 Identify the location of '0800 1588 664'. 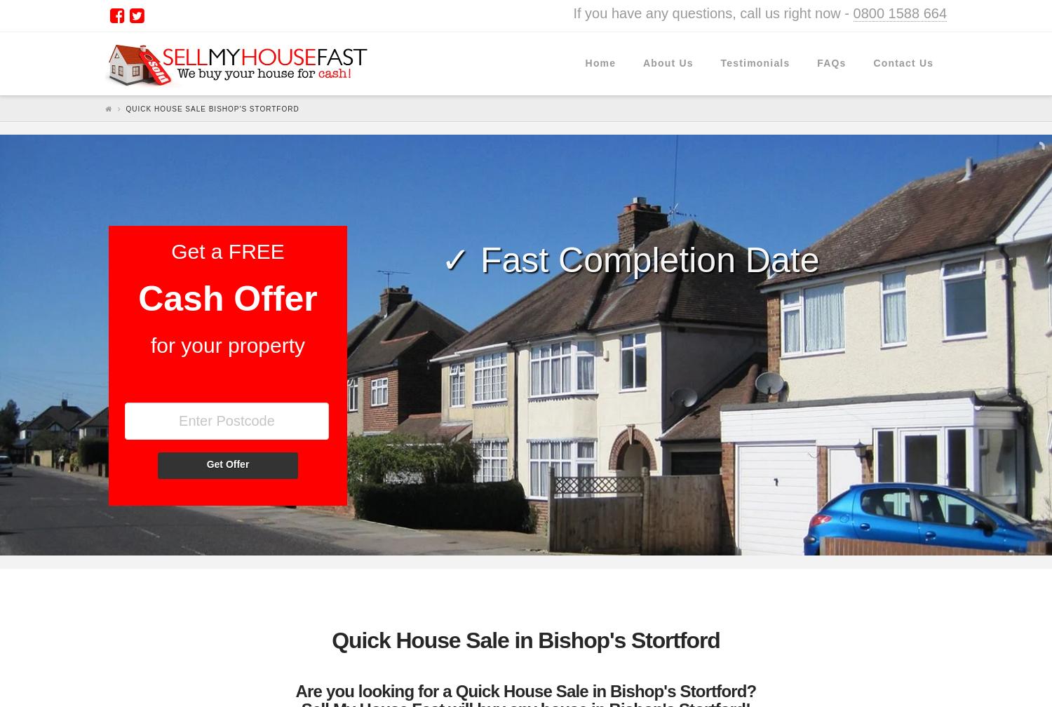
(899, 13).